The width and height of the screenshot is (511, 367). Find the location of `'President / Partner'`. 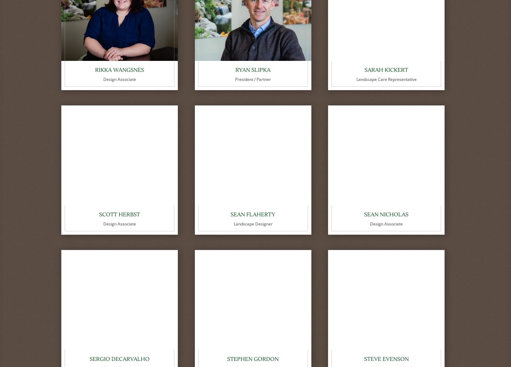

'President / Partner' is located at coordinates (252, 79).